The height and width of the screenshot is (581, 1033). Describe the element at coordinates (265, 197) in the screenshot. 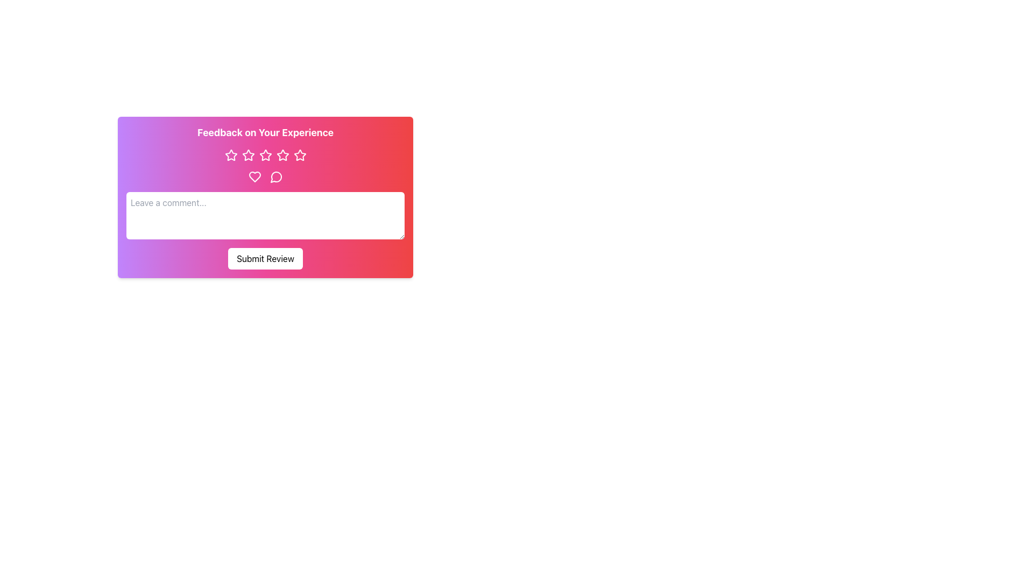

I see `the Text input field located beneath the star rating icons and above the 'Submit Review' button by using keyboard shortcuts for text interactions` at that location.